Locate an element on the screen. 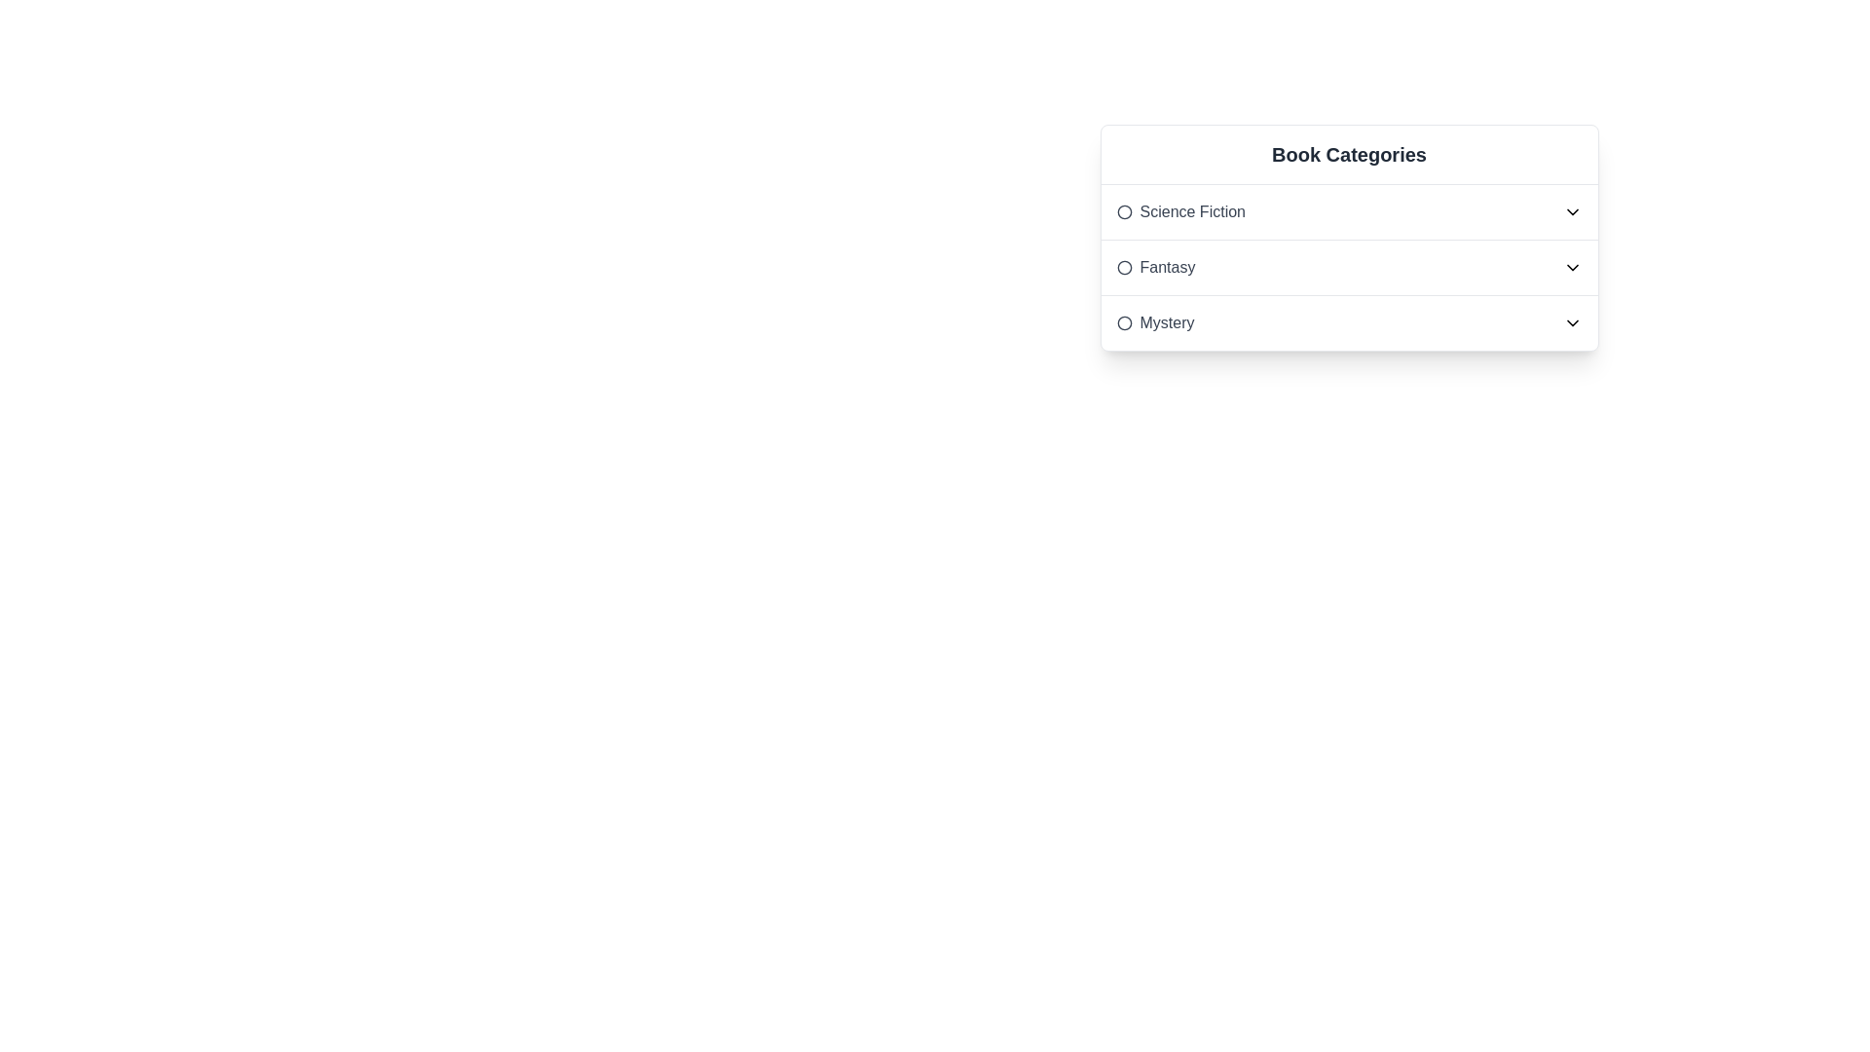  the chevron-down icon located at the far right of the 'Science Fiction' row in the 'Book Categories' section is located at coordinates (1572, 212).